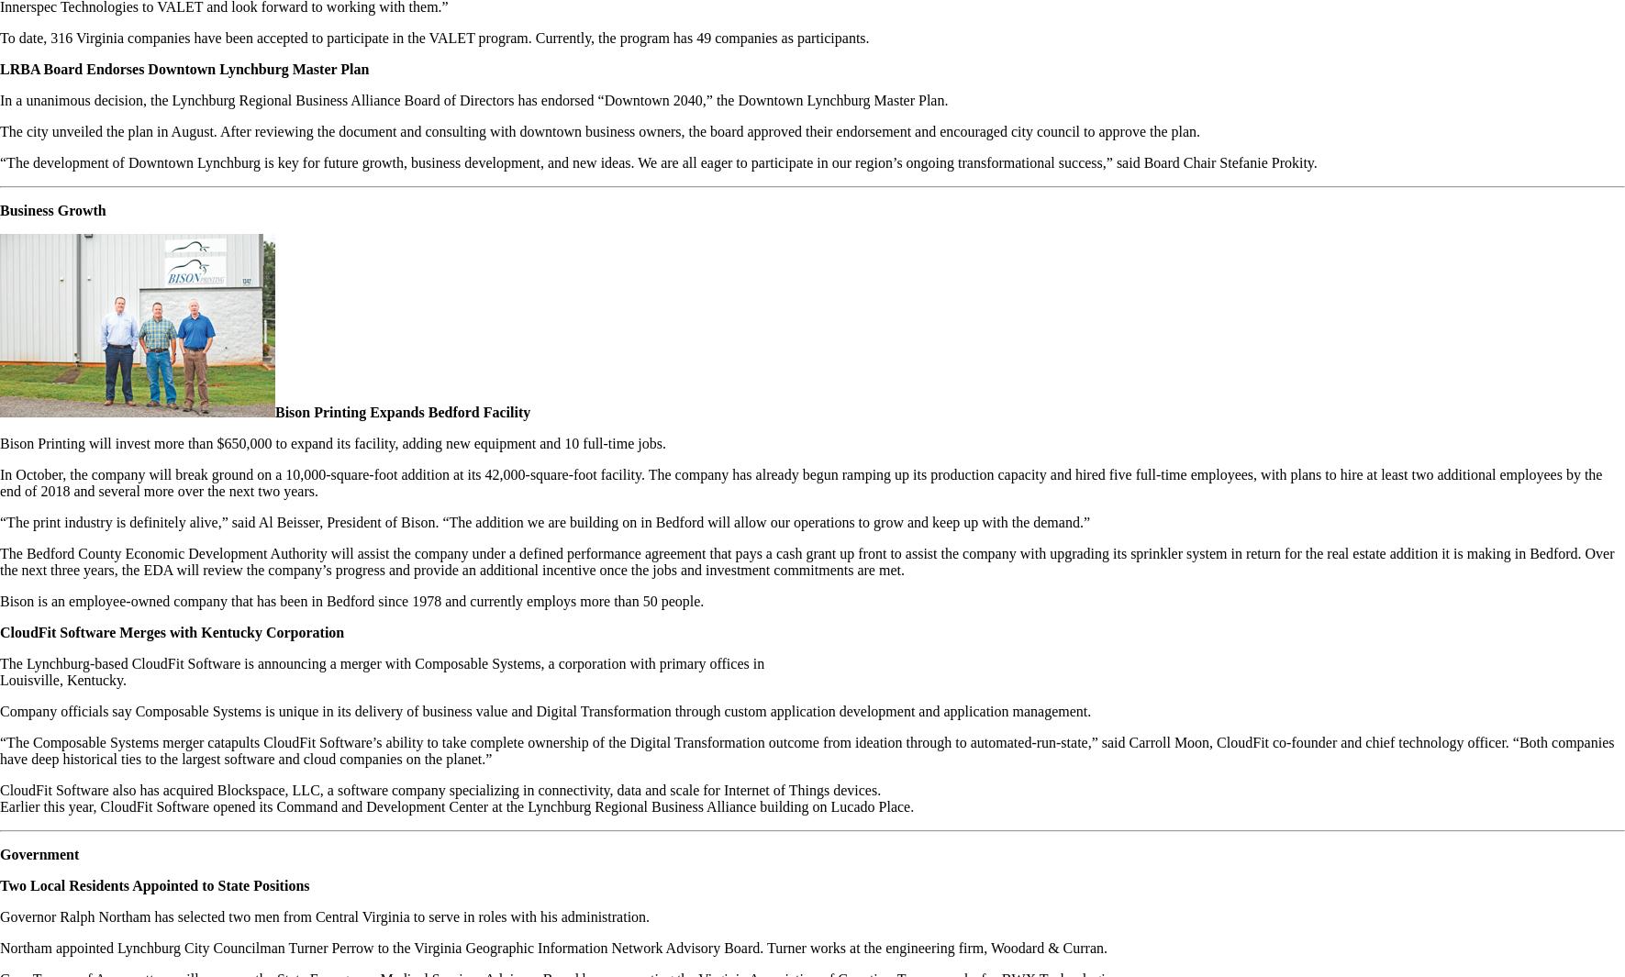  I want to click on 'Business Growth', so click(51, 209).